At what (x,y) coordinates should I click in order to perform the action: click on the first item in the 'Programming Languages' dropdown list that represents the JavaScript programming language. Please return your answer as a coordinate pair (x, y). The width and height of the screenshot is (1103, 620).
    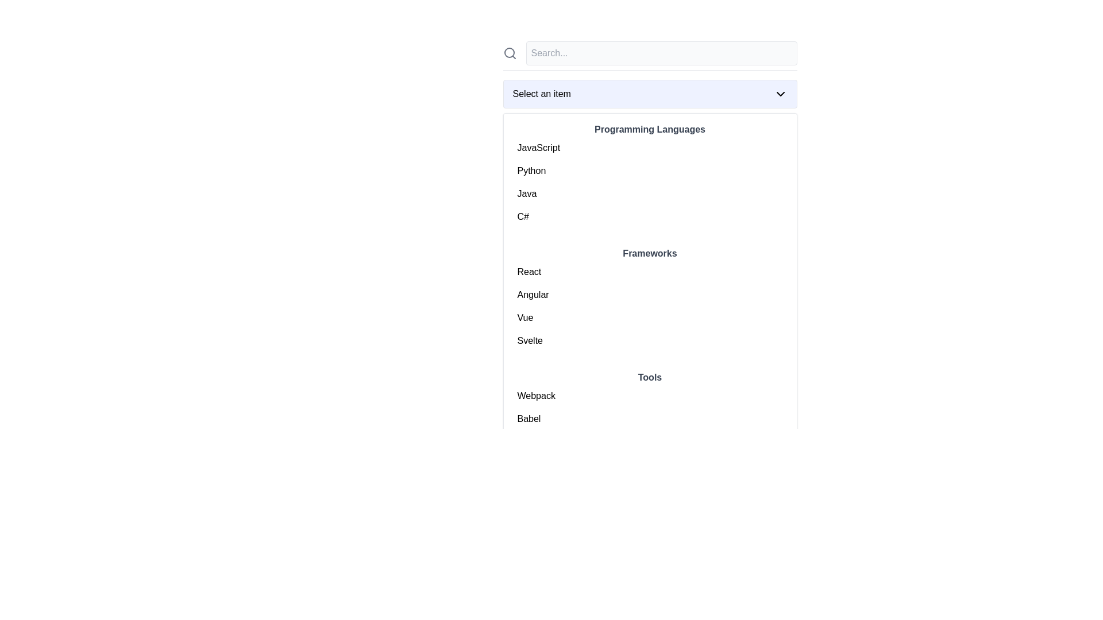
    Looking at the image, I should click on (650, 148).